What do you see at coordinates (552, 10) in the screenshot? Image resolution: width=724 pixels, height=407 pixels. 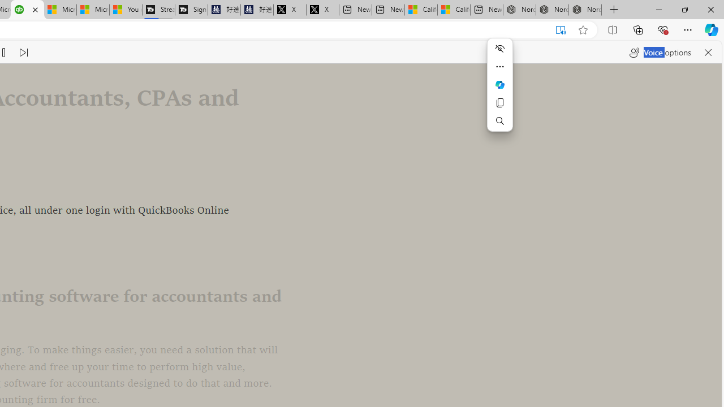 I see `'Nordace Siena Pro 15 Backpack'` at bounding box center [552, 10].